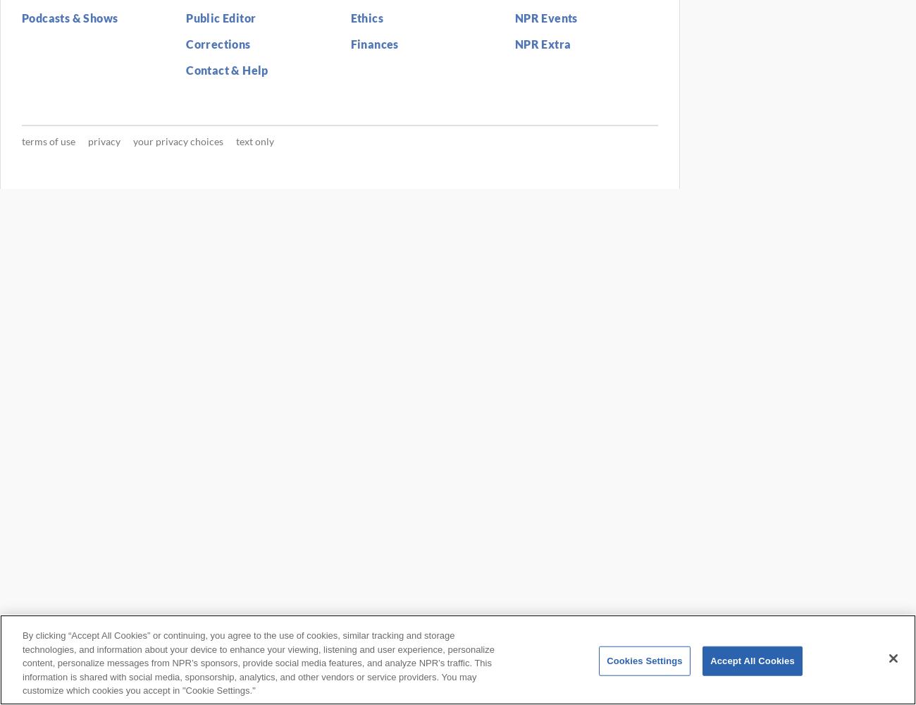 The width and height of the screenshot is (916, 705). What do you see at coordinates (541, 44) in the screenshot?
I see `'NPR Extra'` at bounding box center [541, 44].